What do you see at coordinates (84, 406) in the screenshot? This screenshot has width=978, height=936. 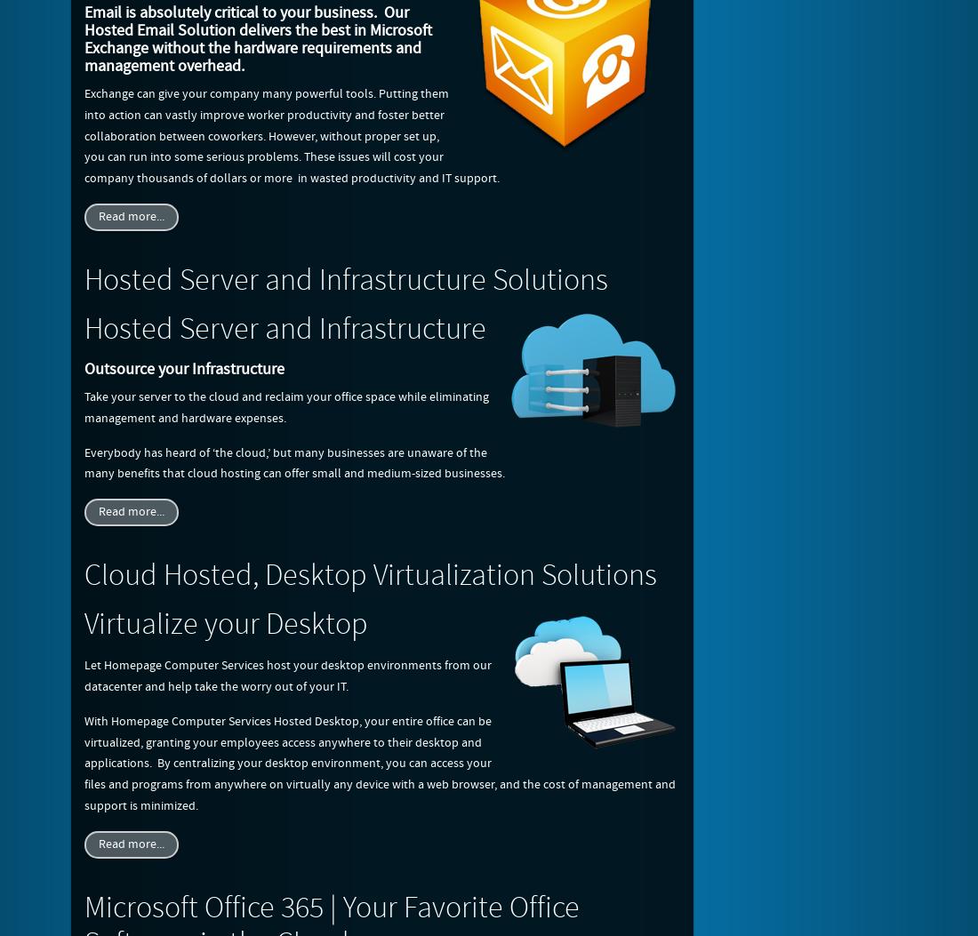 I see `'Take your server to the cloud and reclaim your office space while eliminating management and hardware expenses.'` at bounding box center [84, 406].